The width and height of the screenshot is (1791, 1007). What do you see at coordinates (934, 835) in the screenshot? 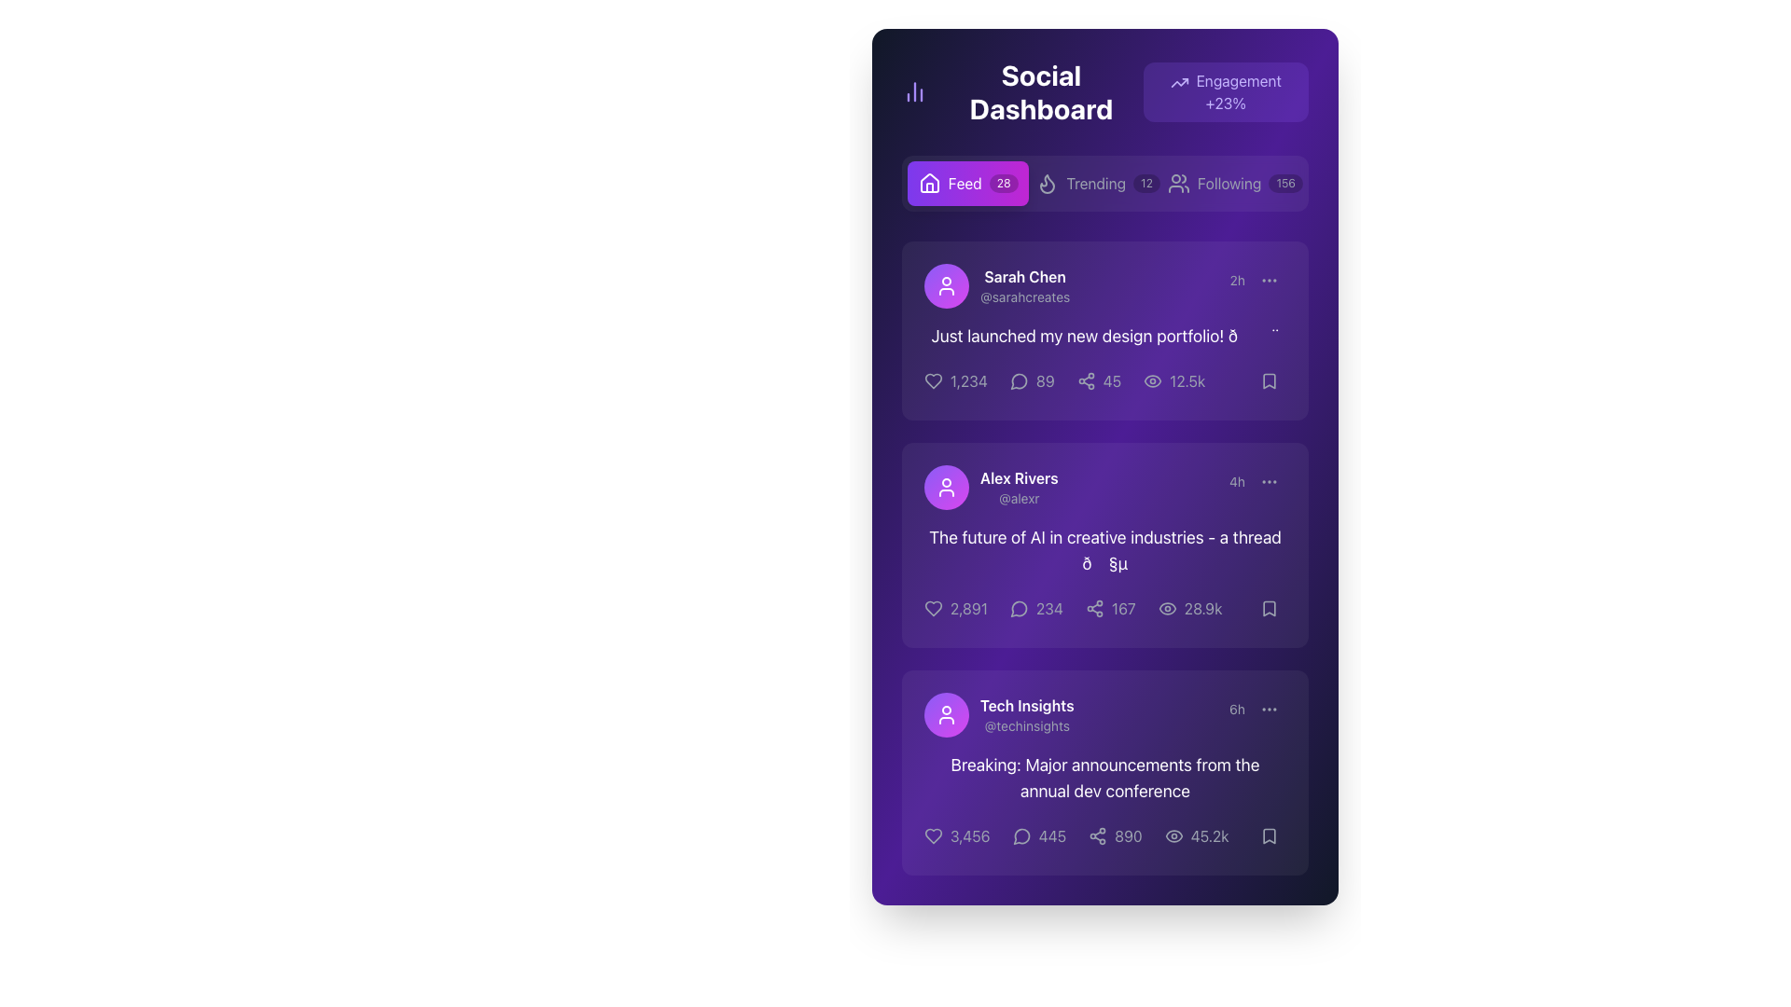
I see `the heart icon button to like the 'Tech Insights' post, located below the main content text and aligned to the left among interactive icons` at bounding box center [934, 835].